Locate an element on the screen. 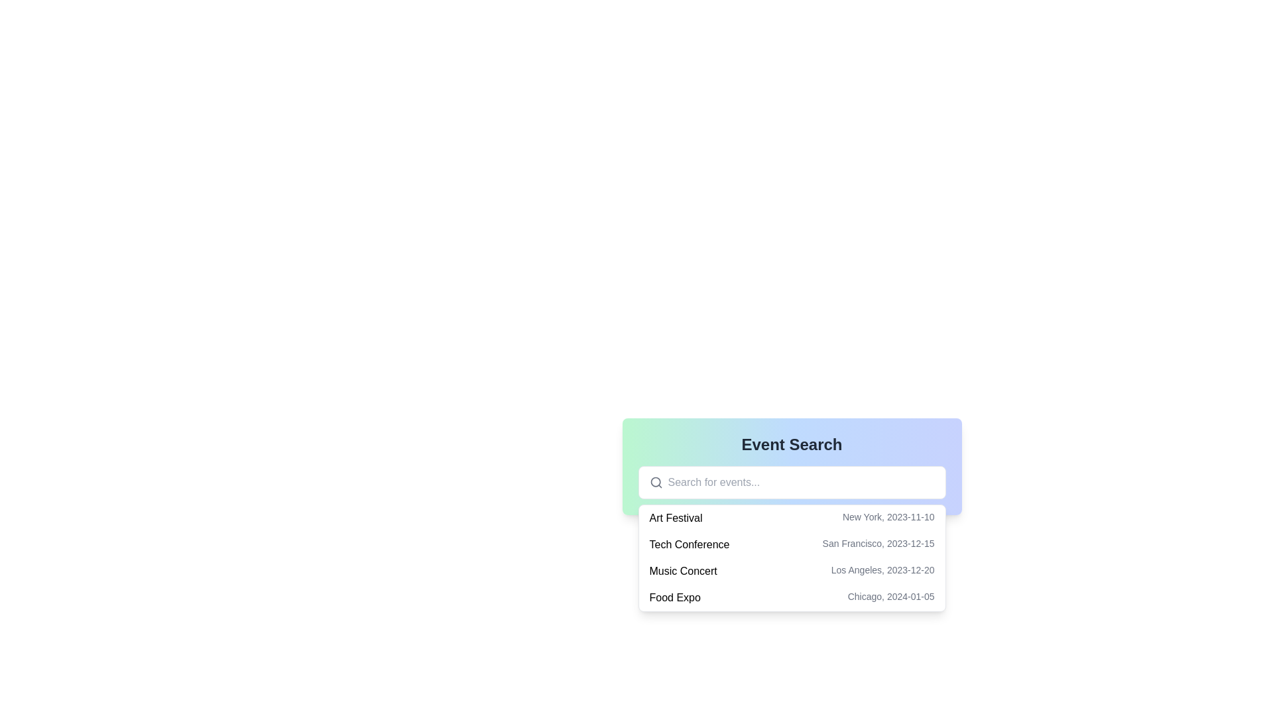 This screenshot has height=716, width=1273. the first list item labeled 'Art Festival' followed by 'New York, 2023-11-10' is located at coordinates (792, 518).